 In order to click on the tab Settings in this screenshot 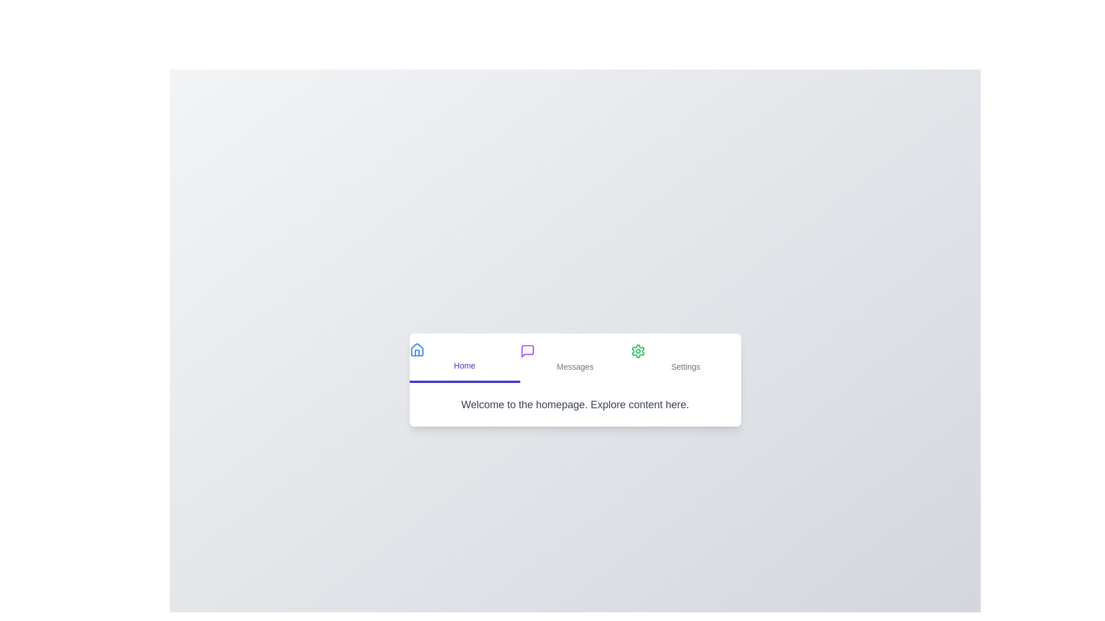, I will do `click(685, 358)`.